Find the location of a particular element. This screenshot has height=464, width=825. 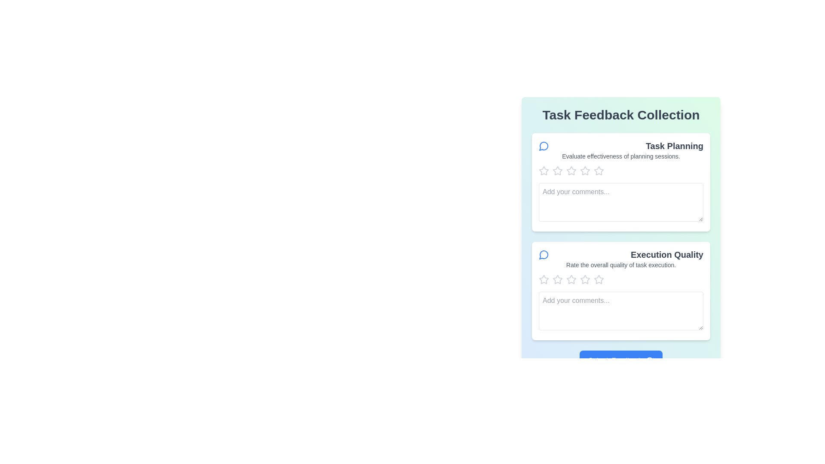

the sixth star icon in the 'Execution Quality' rating system is located at coordinates (585, 280).